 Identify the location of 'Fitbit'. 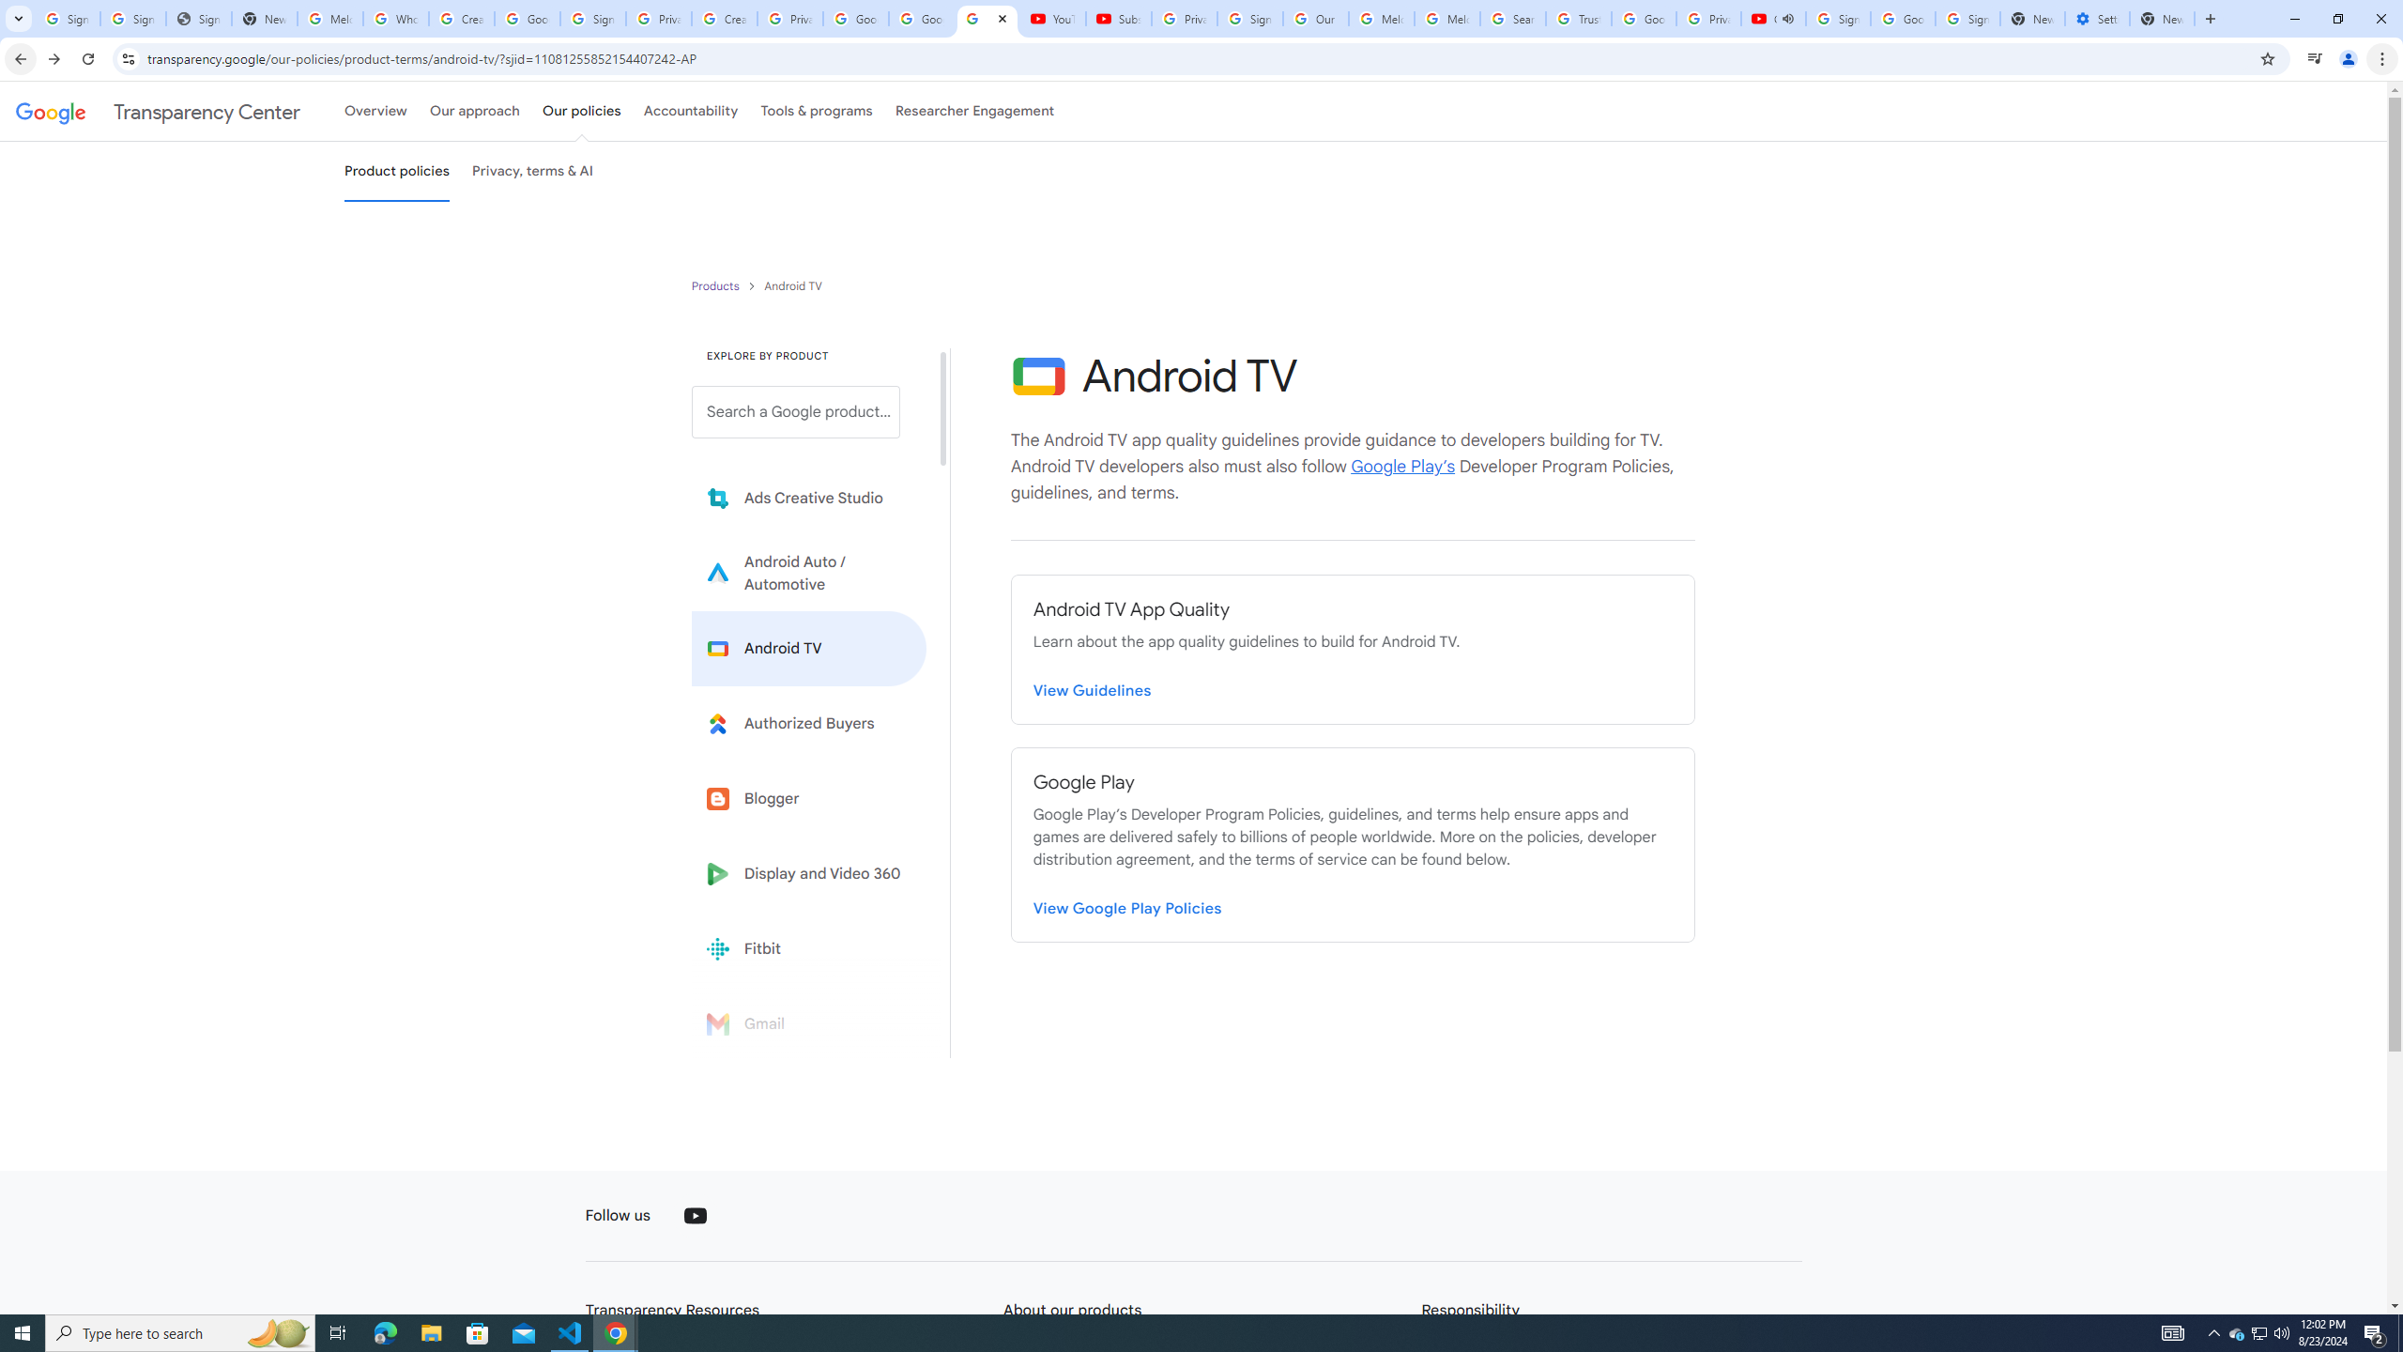
(808, 948).